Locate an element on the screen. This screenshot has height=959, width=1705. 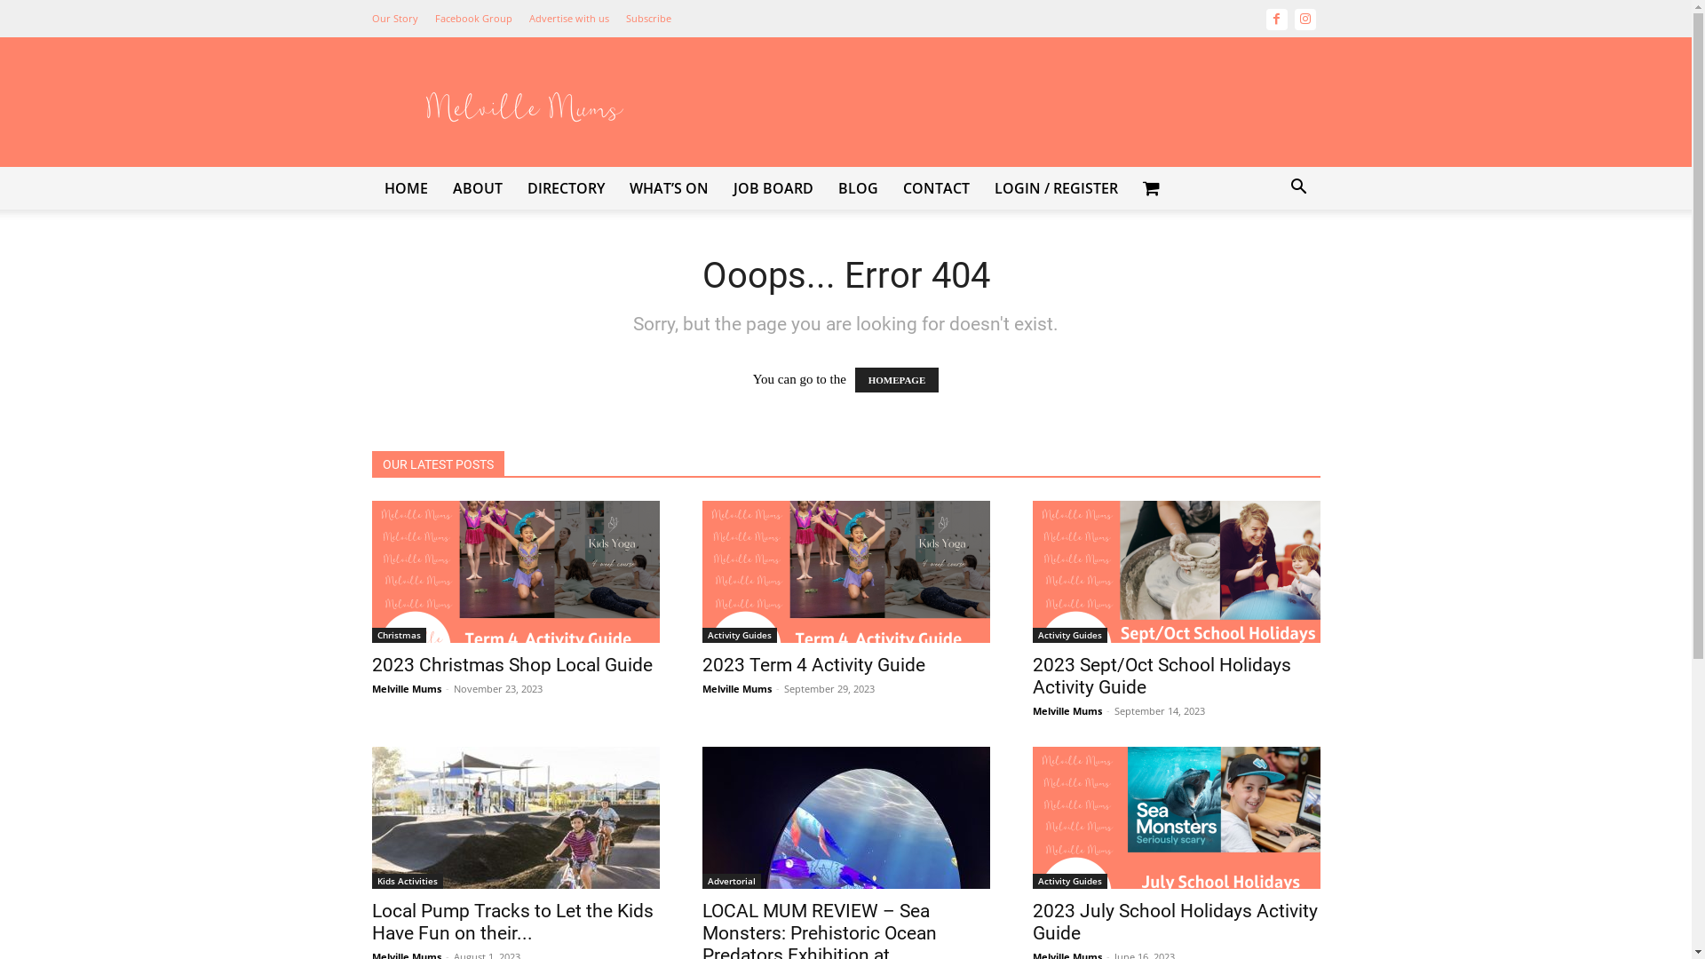
'Our Story' is located at coordinates (393, 18).